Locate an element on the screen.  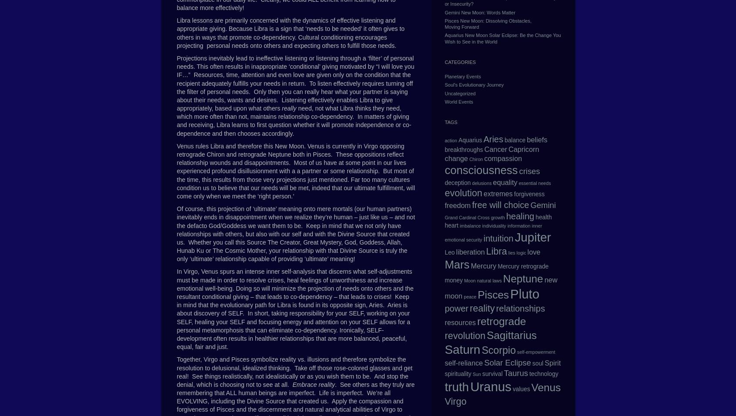
'Solar Eclipse' is located at coordinates (507, 362).